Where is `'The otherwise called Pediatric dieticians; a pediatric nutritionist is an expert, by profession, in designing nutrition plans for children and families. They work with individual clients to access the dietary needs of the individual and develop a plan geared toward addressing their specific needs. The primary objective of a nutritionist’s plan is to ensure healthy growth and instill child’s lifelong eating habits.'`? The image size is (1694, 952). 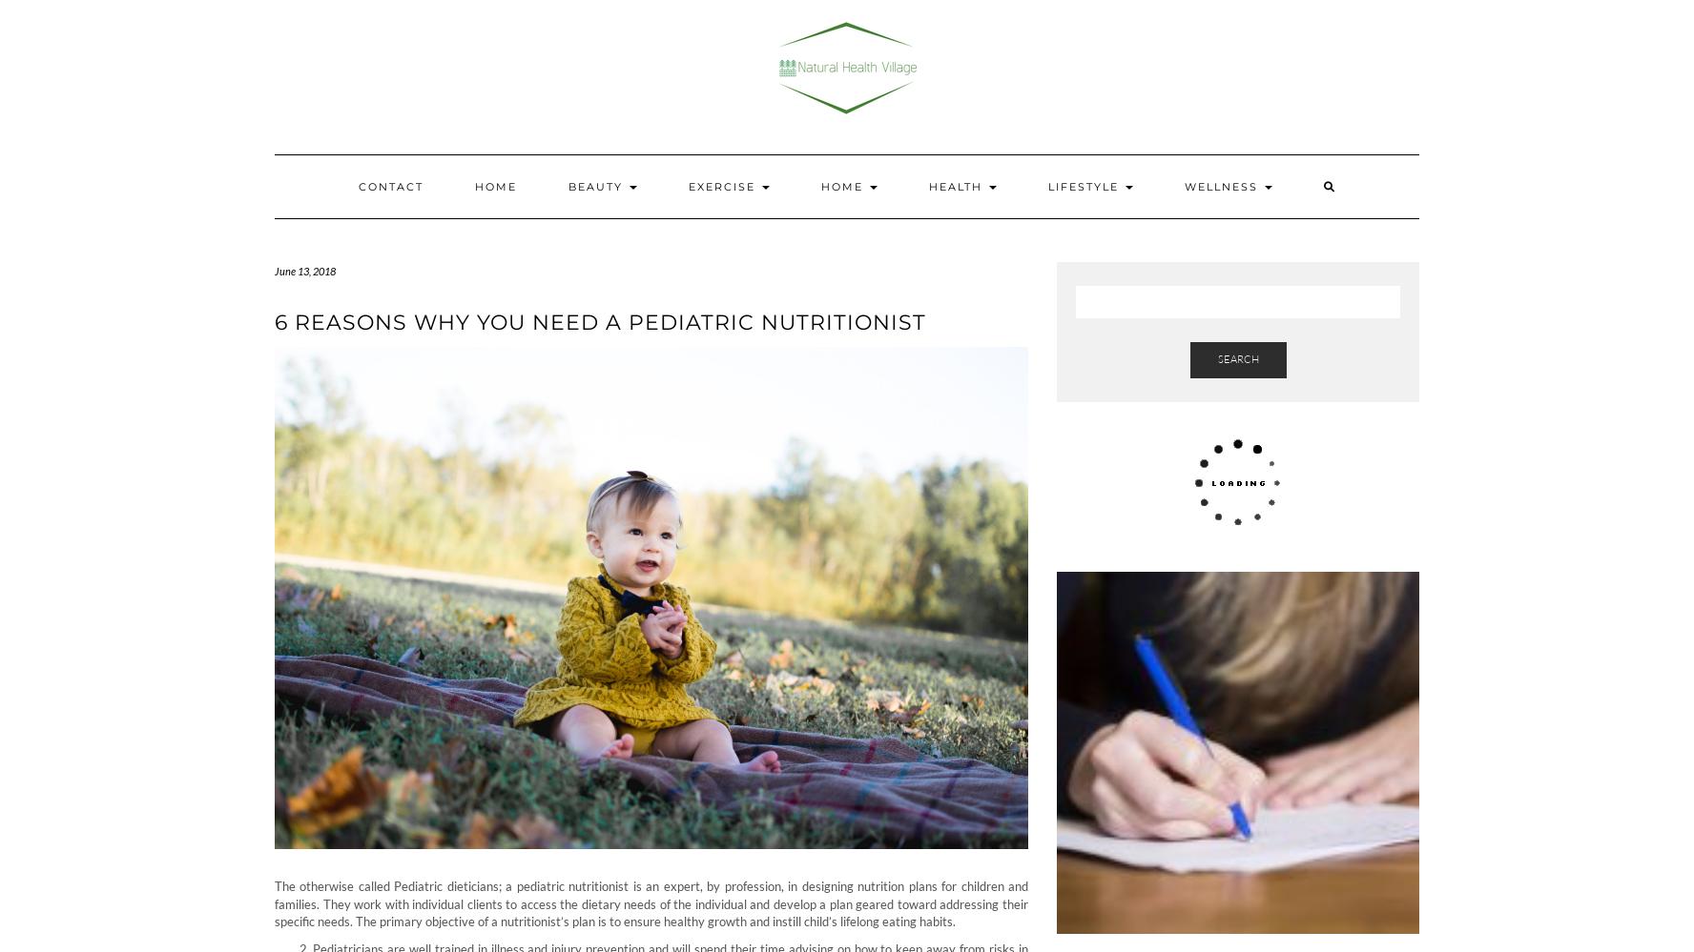
'The otherwise called Pediatric dieticians; a pediatric nutritionist is an expert, by profession, in designing nutrition plans for children and families. They work with individual clients to access the dietary needs of the individual and develop a plan geared toward addressing their specific needs. The primary objective of a nutritionist’s plan is to ensure healthy growth and instill child’s lifelong eating habits.' is located at coordinates (275, 901).